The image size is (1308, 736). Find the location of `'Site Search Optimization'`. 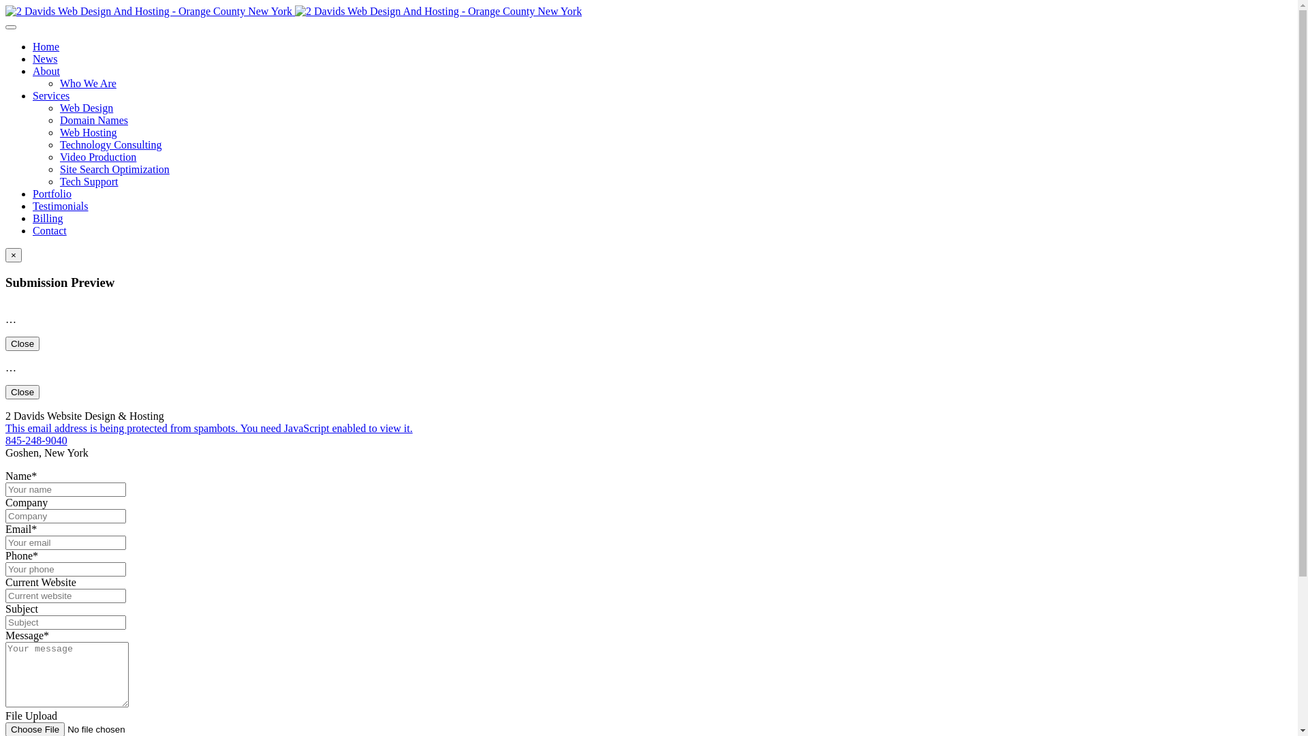

'Site Search Optimization' is located at coordinates (114, 168).